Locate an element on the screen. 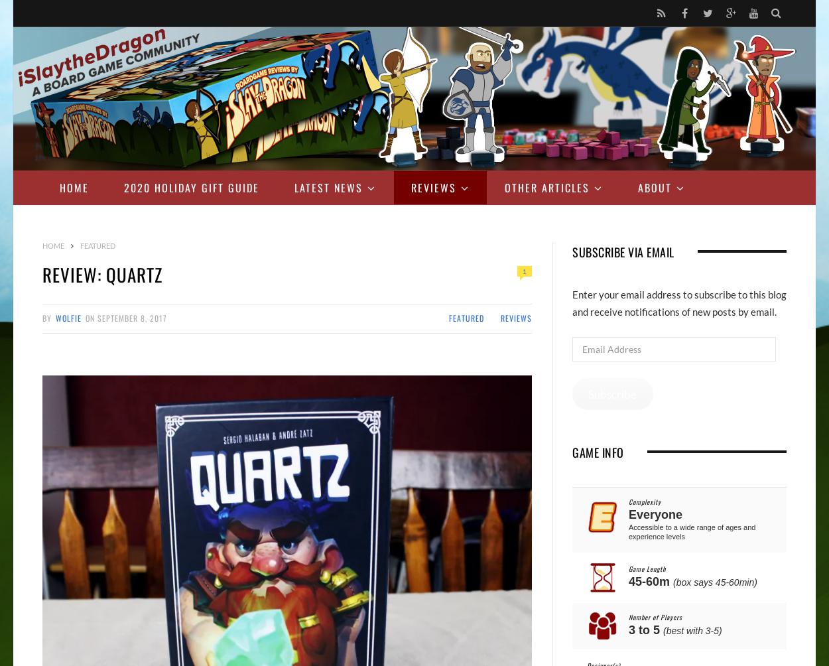 The width and height of the screenshot is (829, 666). 'Review: Quartz' is located at coordinates (102, 274).